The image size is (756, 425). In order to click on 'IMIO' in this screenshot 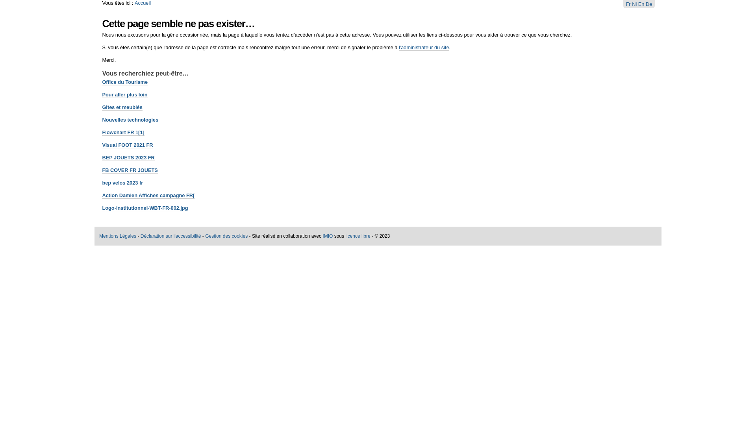, I will do `click(327, 236)`.